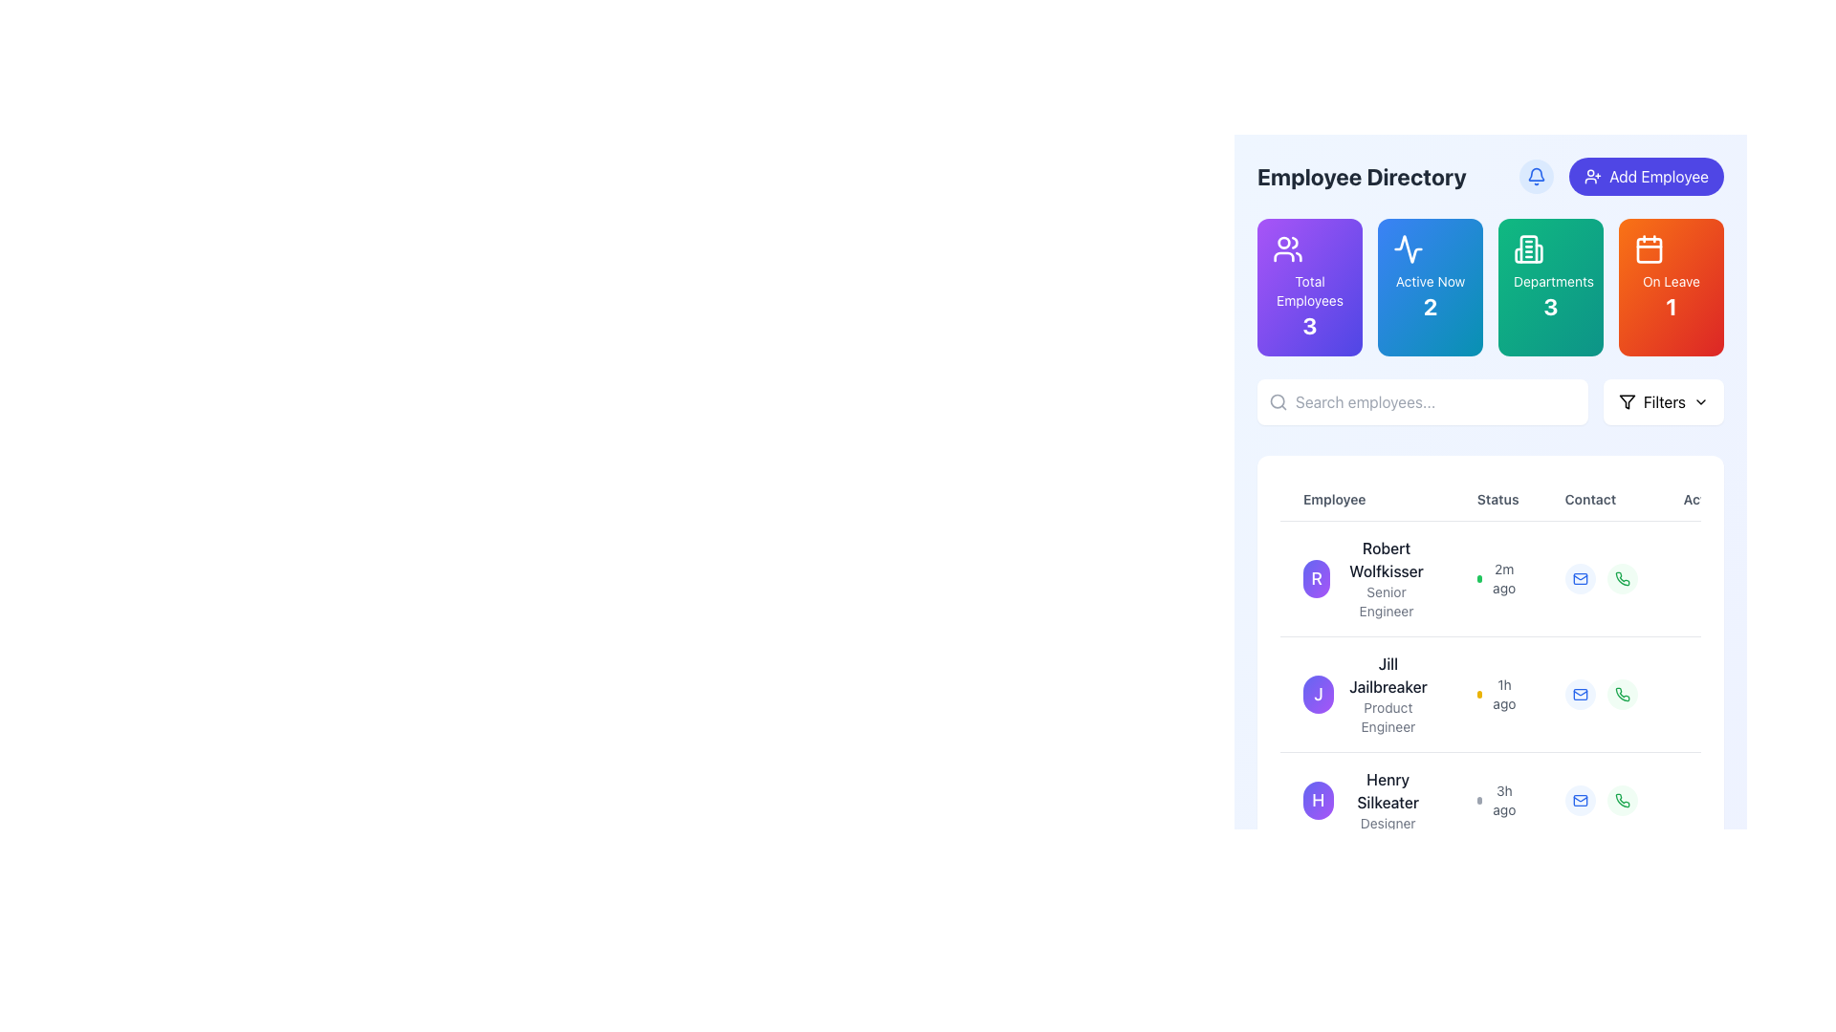 The height and width of the screenshot is (1032, 1836). I want to click on the phone call action button located in the 'Contact' column next to Robert Wolfkisser in the Employee Directory to initiate a call, so click(1621, 577).